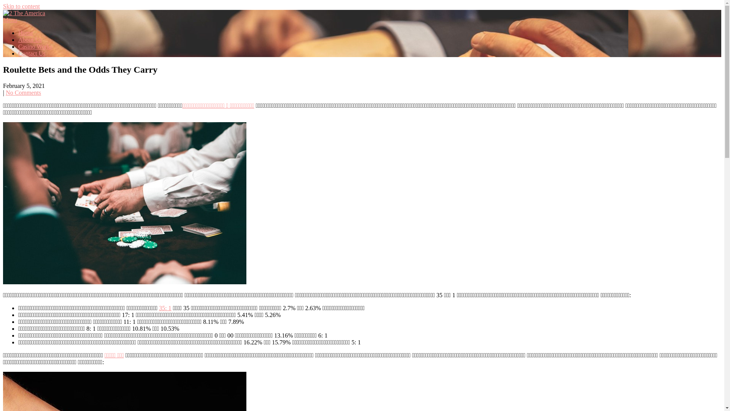  Describe the element at coordinates (23, 92) in the screenshot. I see `'No Comments'` at that location.